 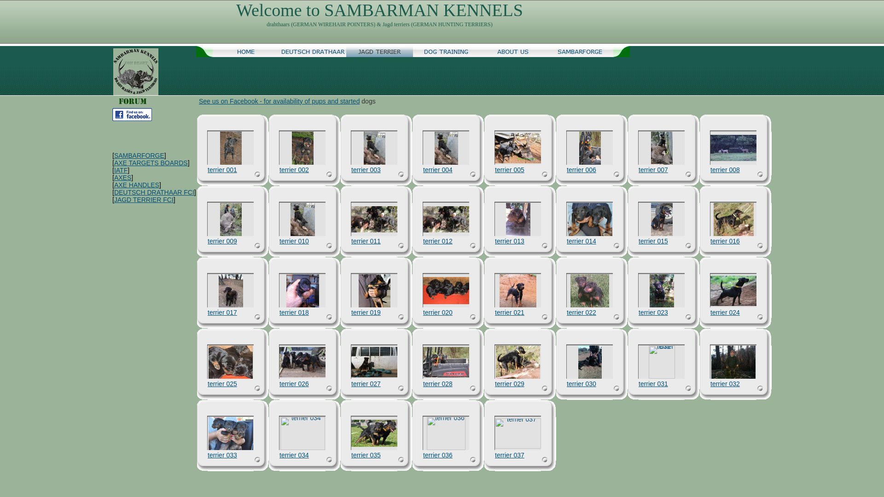 What do you see at coordinates (653, 312) in the screenshot?
I see `'terrier 023'` at bounding box center [653, 312].